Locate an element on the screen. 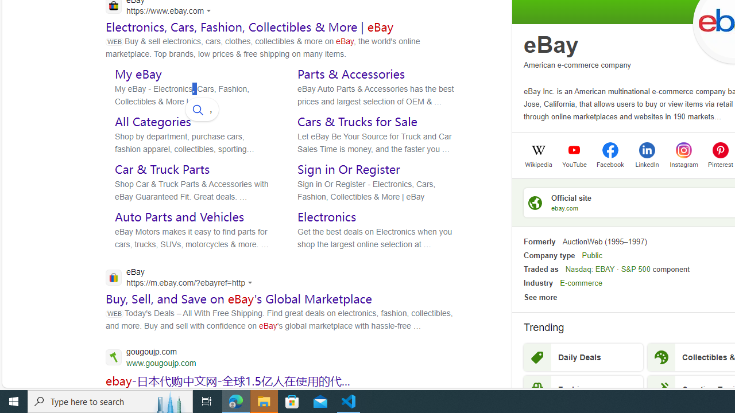 Image resolution: width=735 pixels, height=413 pixels. 'S&P 500' is located at coordinates (635, 269).